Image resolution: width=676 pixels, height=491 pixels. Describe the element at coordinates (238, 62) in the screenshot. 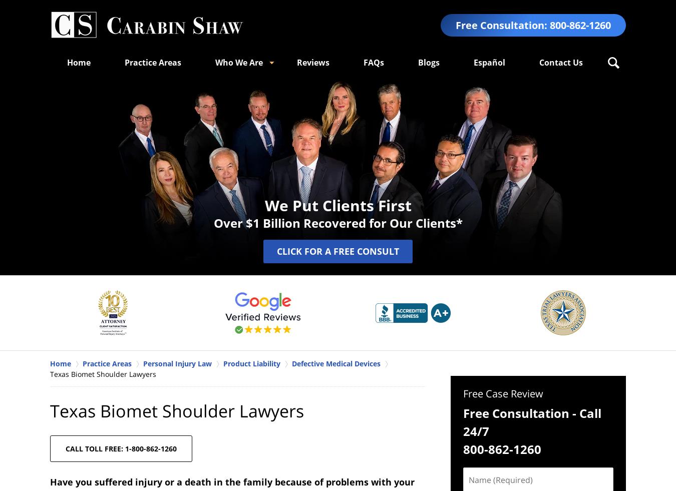

I see `'Who We Are'` at that location.